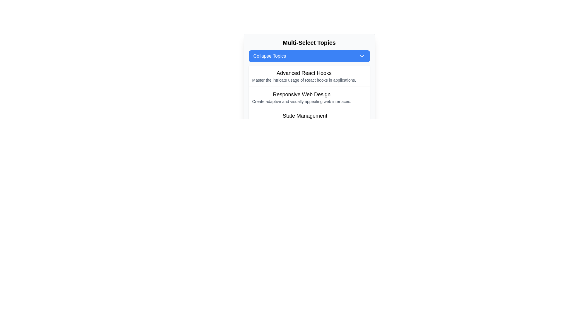  I want to click on text of the bold header labeled 'Multi-Select Topics' positioned at the top of the content card, so click(309, 42).